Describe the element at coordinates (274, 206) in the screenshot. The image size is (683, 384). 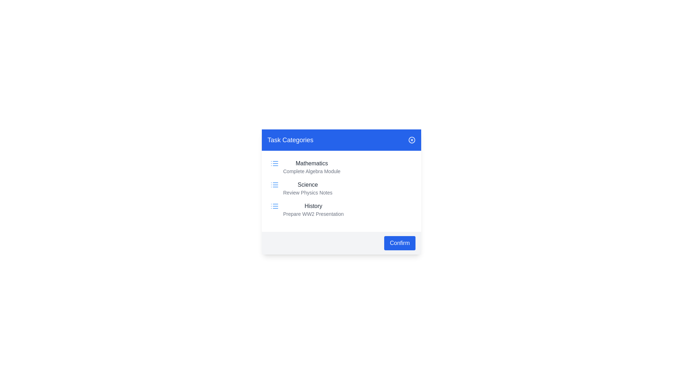
I see `the icon next to the category History` at that location.